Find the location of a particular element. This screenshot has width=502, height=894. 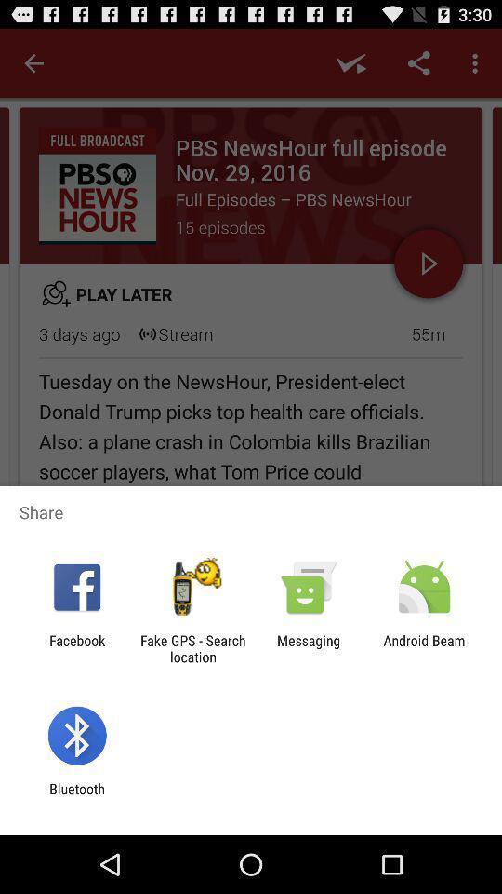

the item next to messaging app is located at coordinates (424, 648).